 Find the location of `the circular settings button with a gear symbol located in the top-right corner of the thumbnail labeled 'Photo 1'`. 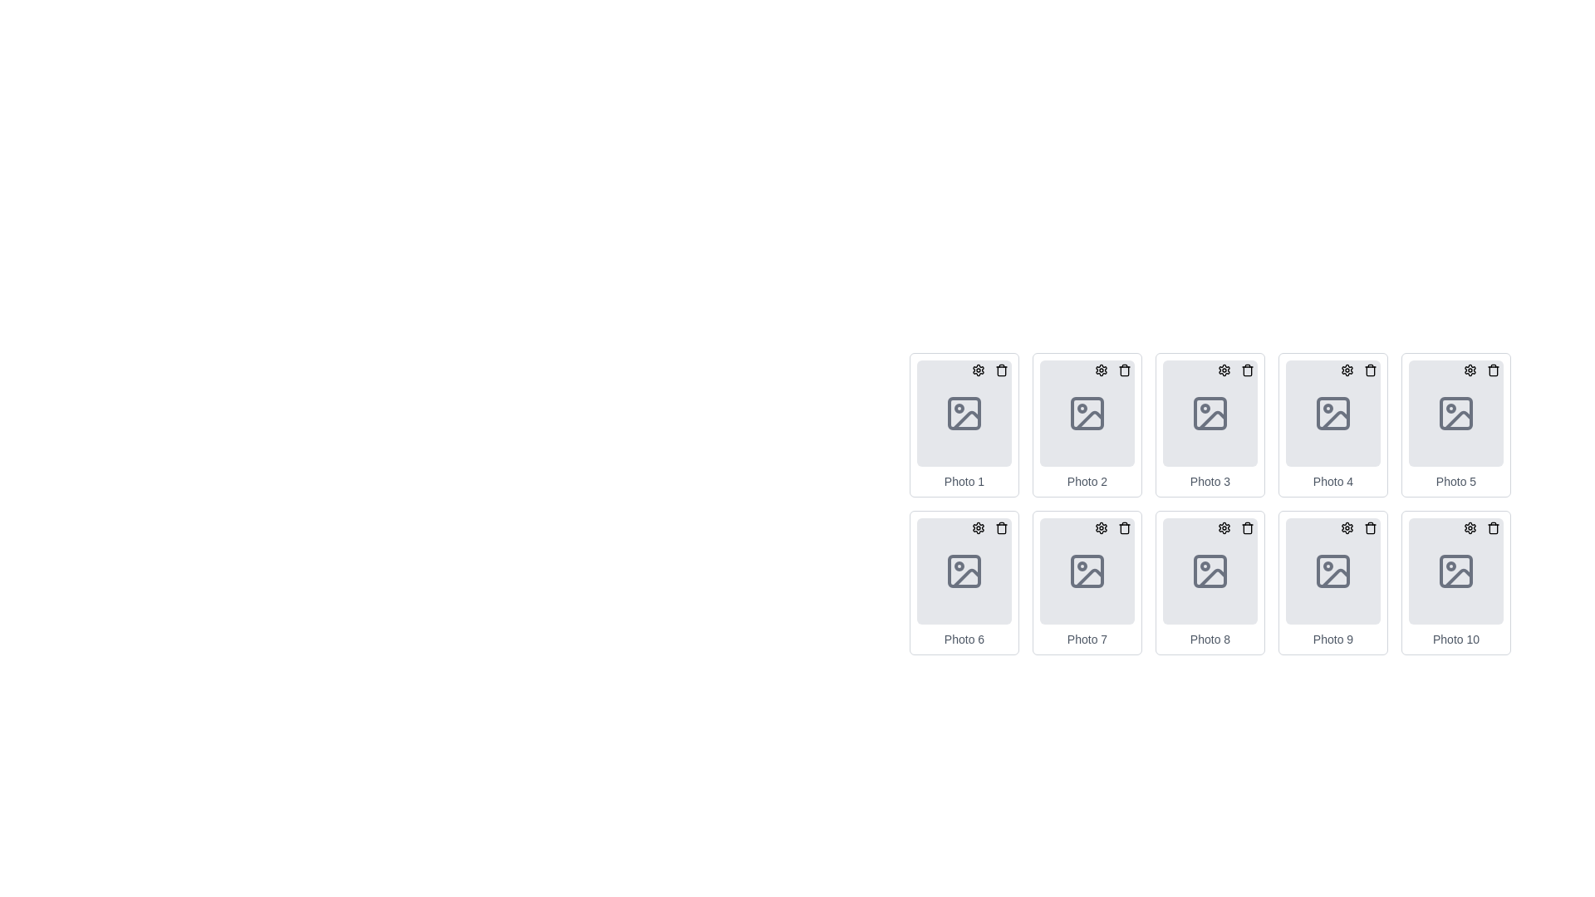

the circular settings button with a gear symbol located in the top-right corner of the thumbnail labeled 'Photo 1' is located at coordinates (978, 370).